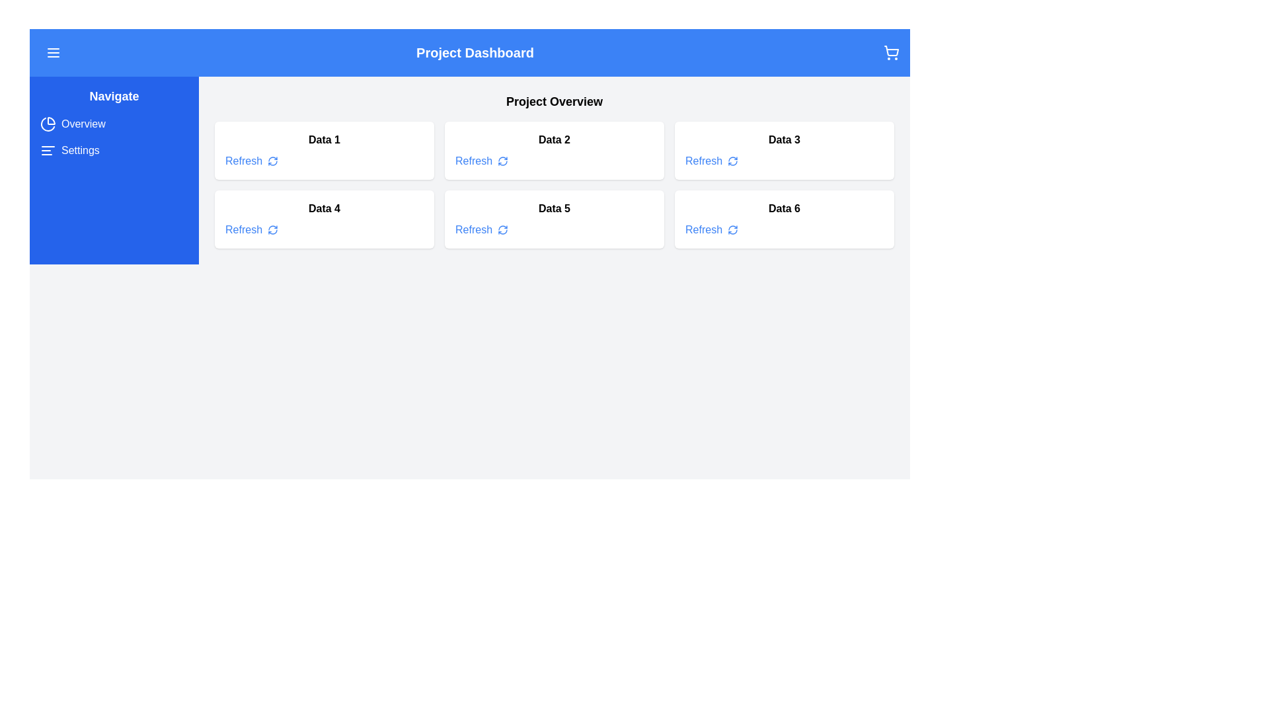 This screenshot has width=1269, height=714. I want to click on the bold, black textual label that reads 'Data 4', which is located in the second row, first column of the grid under the 'Project Overview' section, so click(324, 208).